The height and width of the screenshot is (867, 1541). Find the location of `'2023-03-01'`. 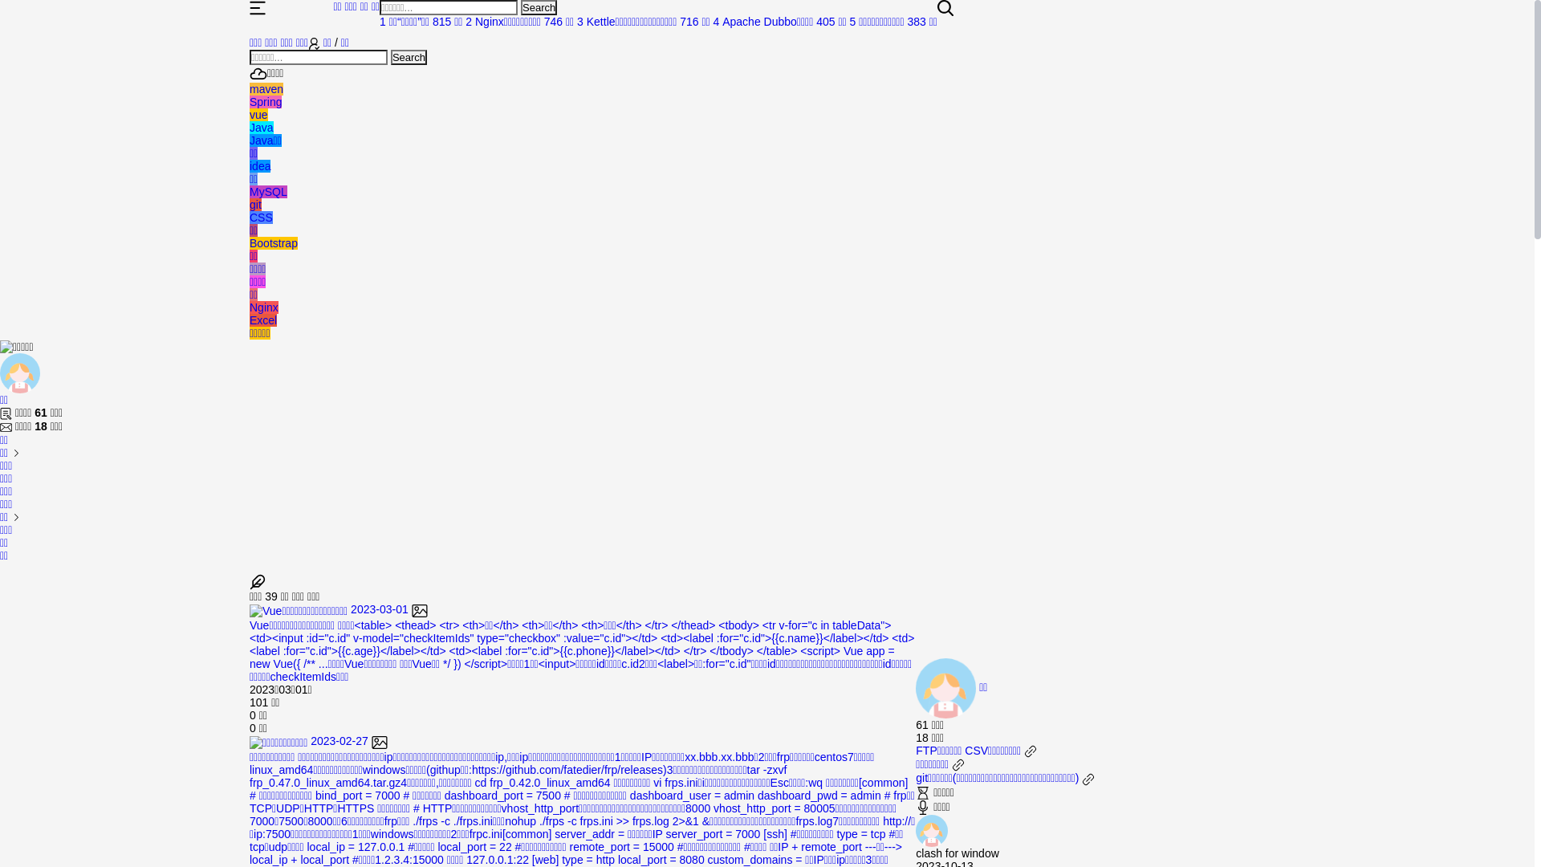

'2023-03-01' is located at coordinates (338, 609).